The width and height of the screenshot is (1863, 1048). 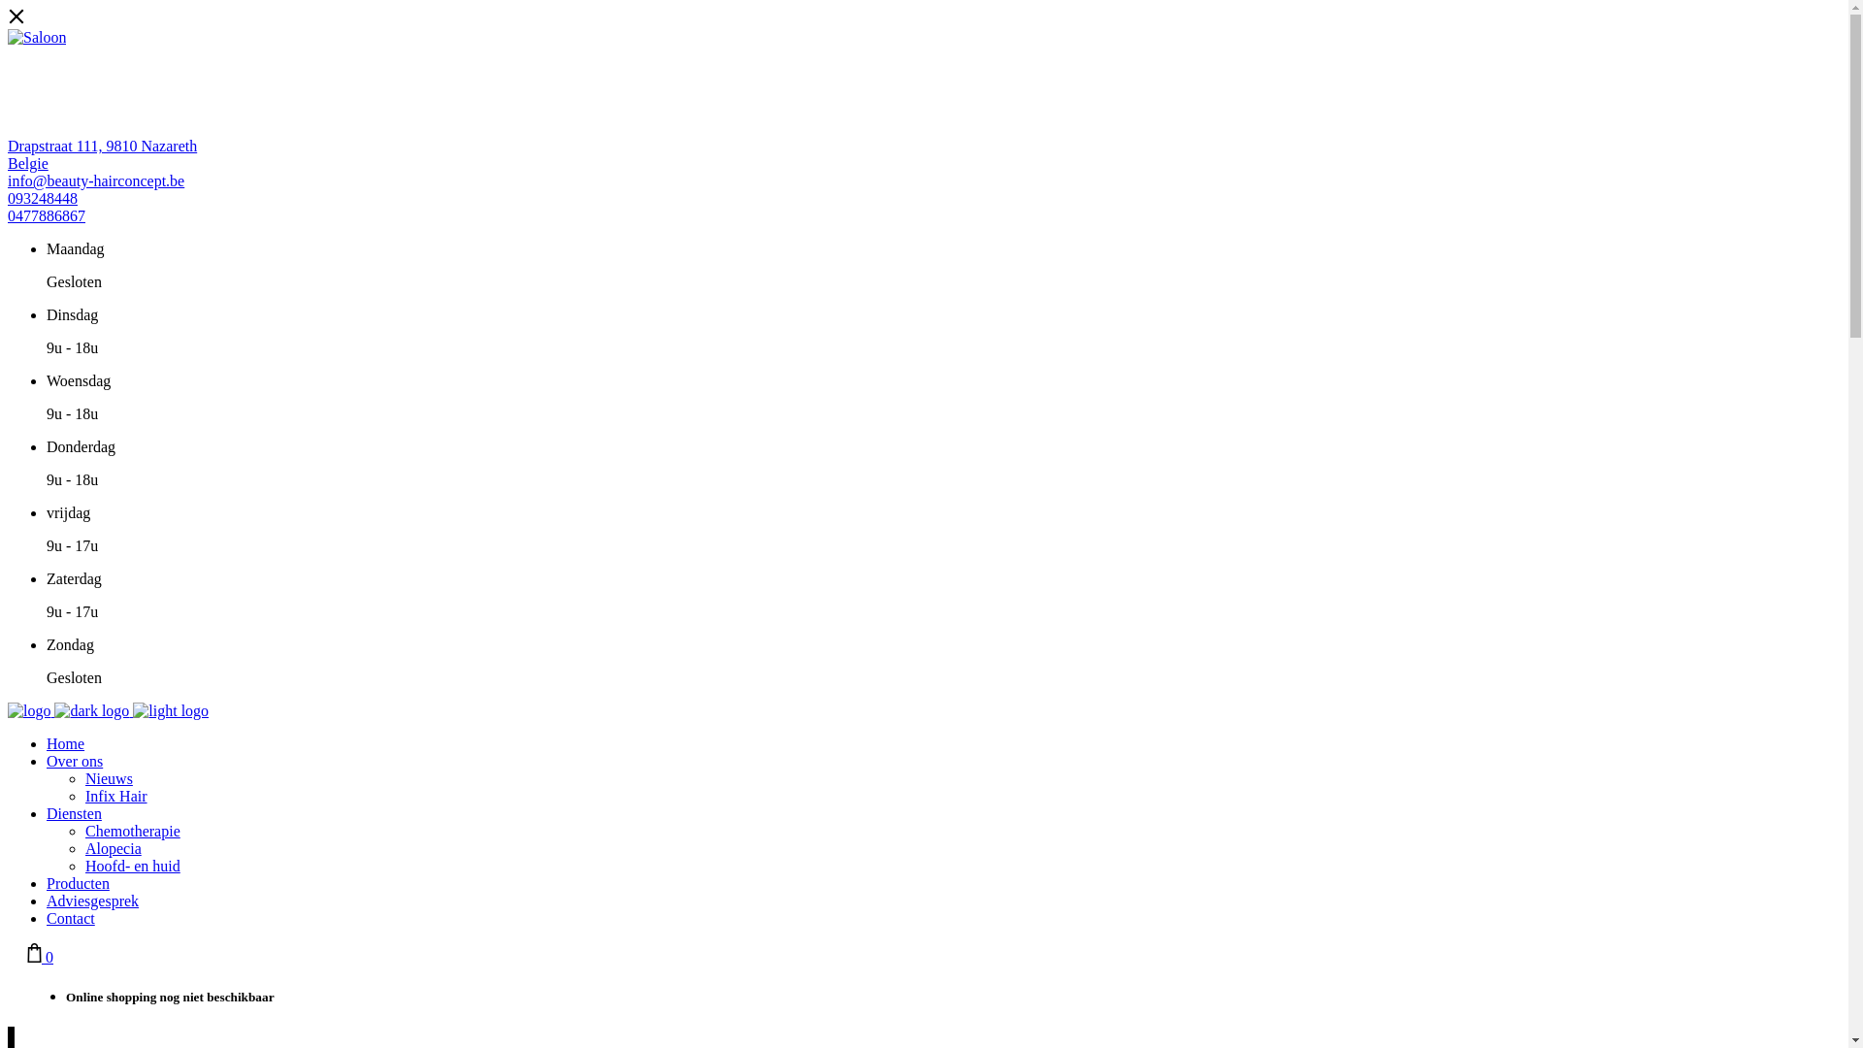 What do you see at coordinates (74, 813) in the screenshot?
I see `'Diensten'` at bounding box center [74, 813].